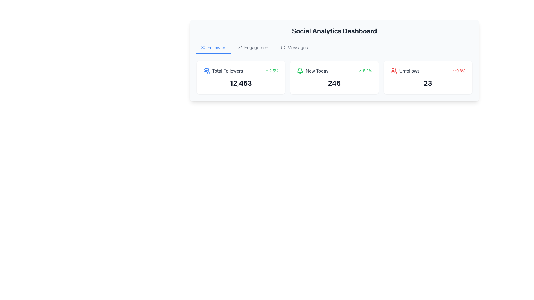 This screenshot has height=300, width=534. What do you see at coordinates (334, 31) in the screenshot?
I see `the Heading text element at the top center of the dashboard layout for accessibility navigation` at bounding box center [334, 31].